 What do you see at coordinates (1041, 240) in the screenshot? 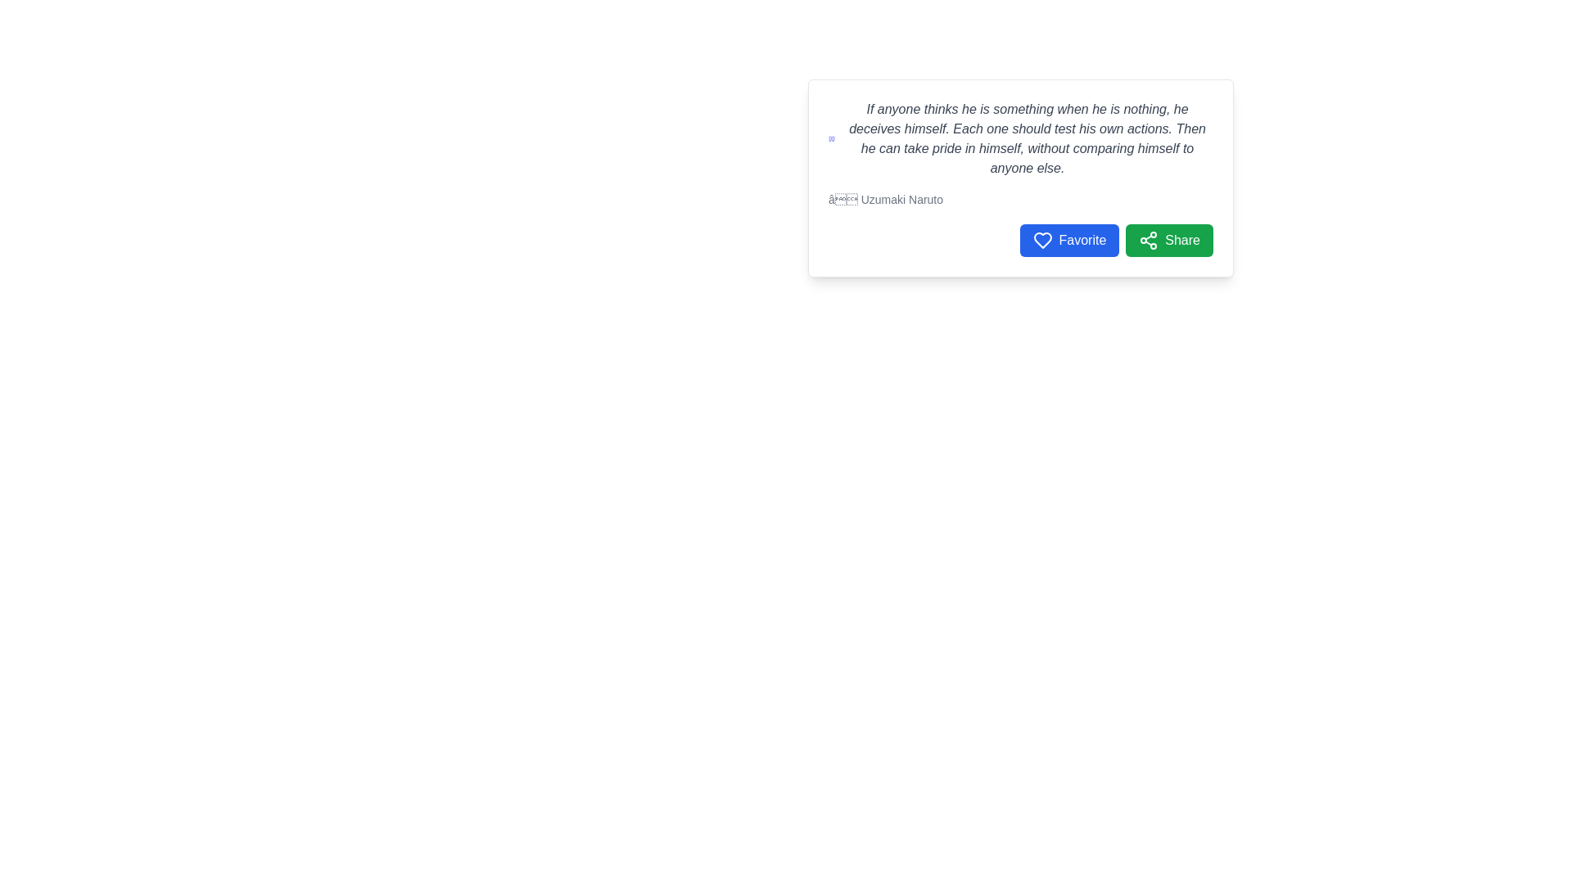
I see `the 'favorite' SVG graphic located in the bottom-right corner of the card, adjacent to the quote description and to the left of the 'Favorite' button` at bounding box center [1041, 240].